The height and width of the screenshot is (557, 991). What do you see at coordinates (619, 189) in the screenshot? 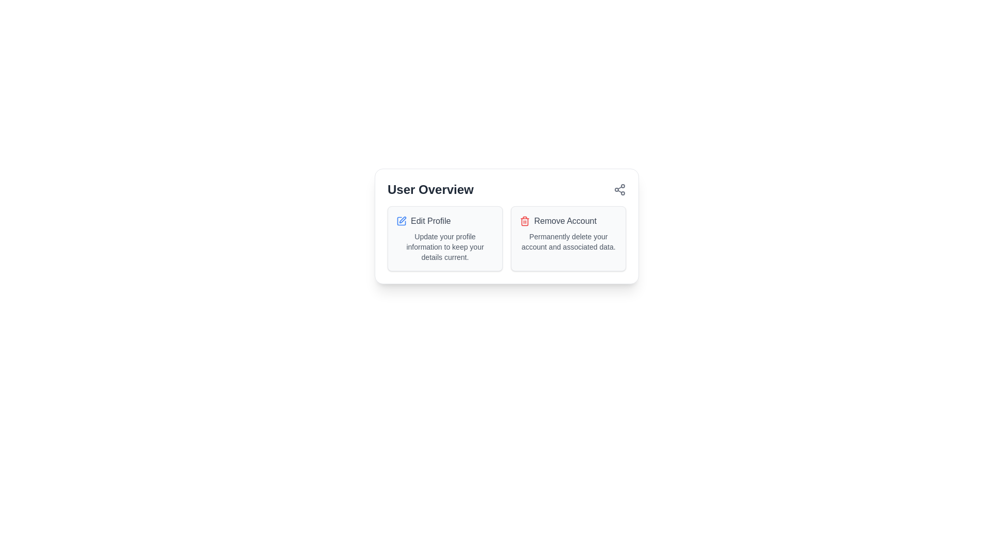
I see `the share icon button, which is a circular node-like style with three connected dots forming a triangle, located at the top-right corner of the 'User Overview' section` at bounding box center [619, 189].